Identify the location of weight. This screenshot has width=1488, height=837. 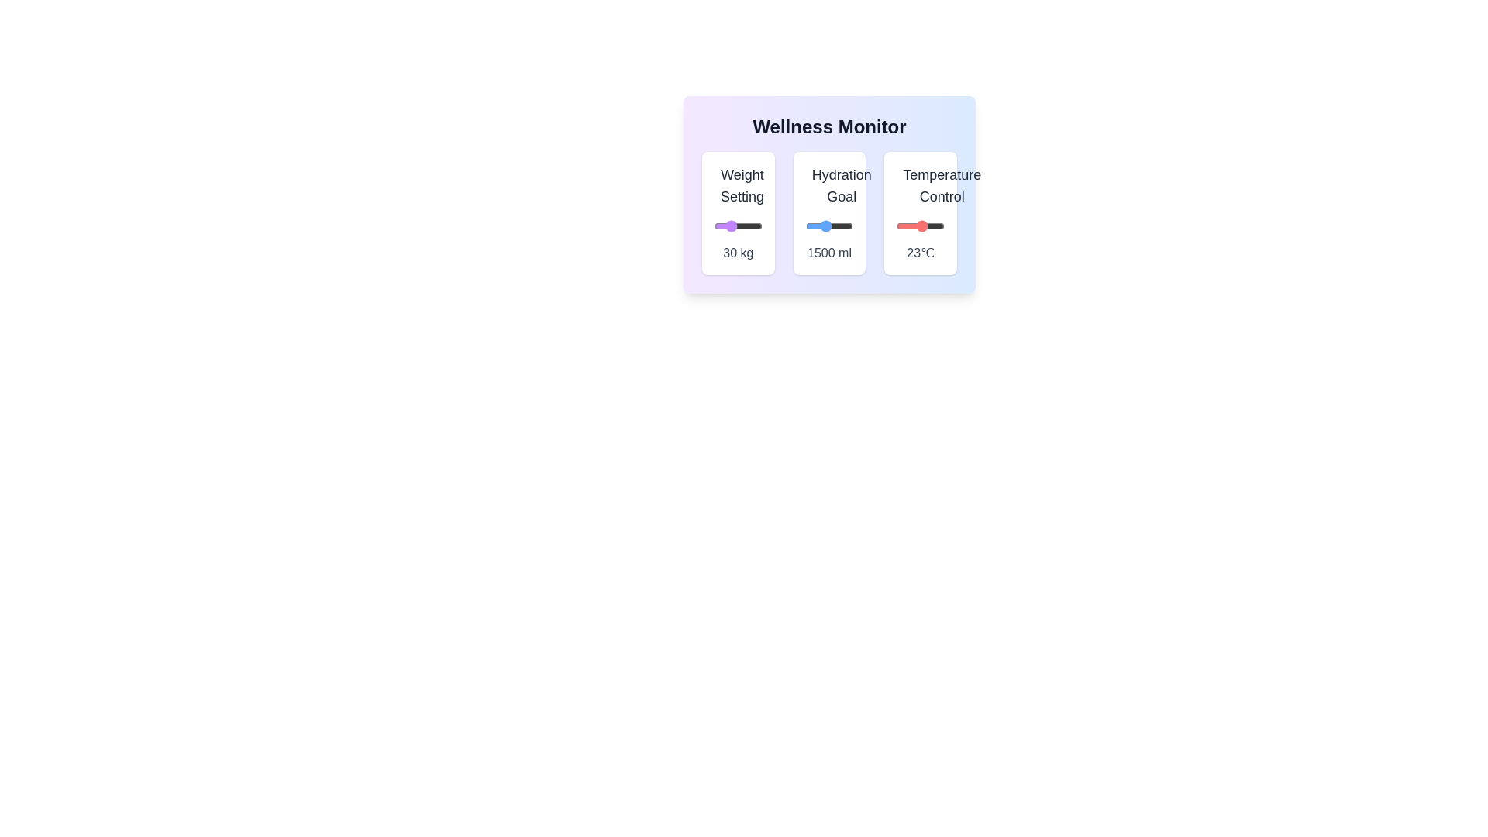
(759, 226).